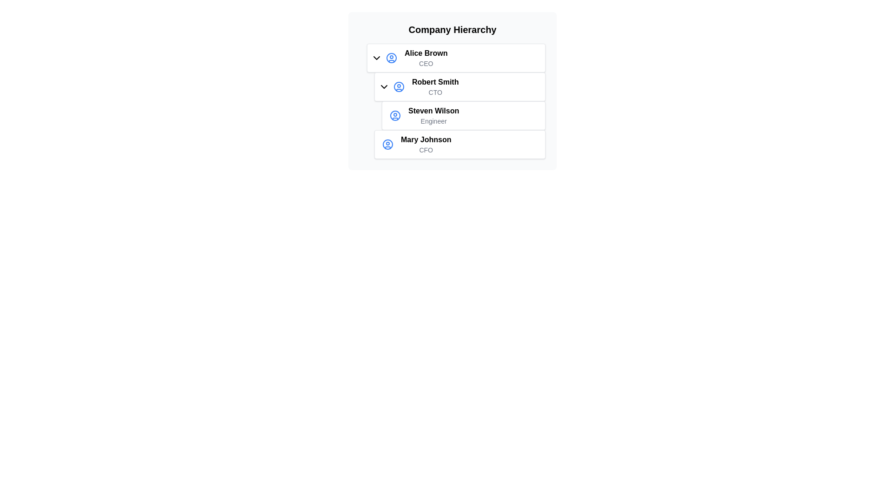  What do you see at coordinates (426, 58) in the screenshot?
I see `to select the text block displaying the name 'Alice Brown' and the title 'CEO' in the 'Company Hierarchy' section` at bounding box center [426, 58].